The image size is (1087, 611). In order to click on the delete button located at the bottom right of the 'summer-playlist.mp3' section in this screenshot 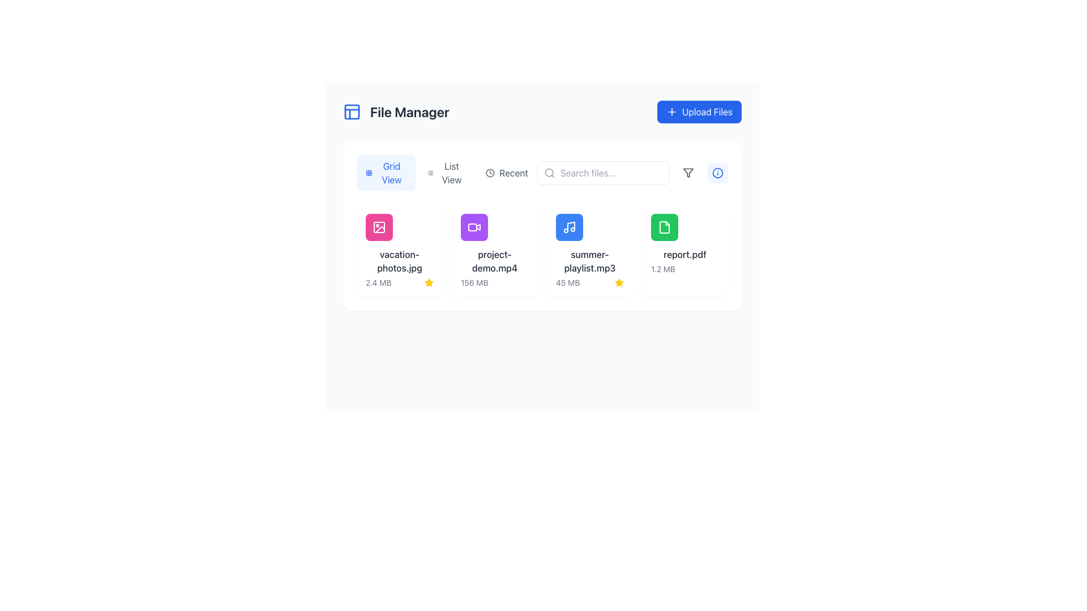, I will do `click(613, 281)`.